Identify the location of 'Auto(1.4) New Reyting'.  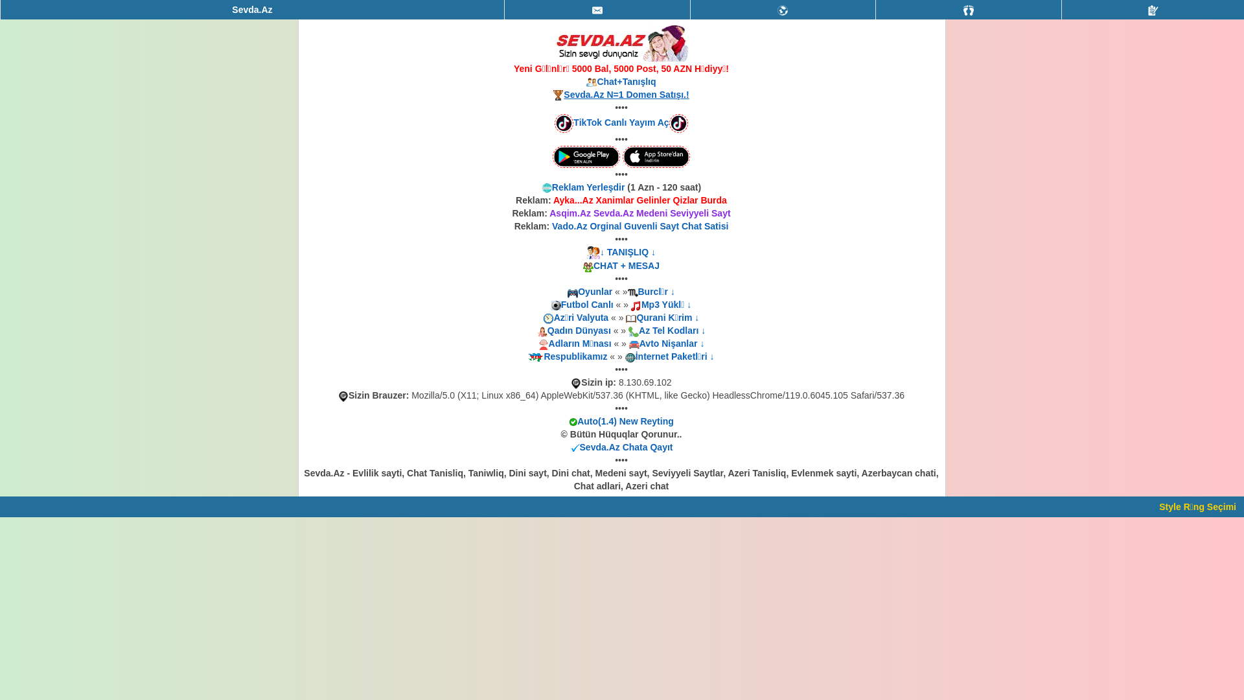
(625, 421).